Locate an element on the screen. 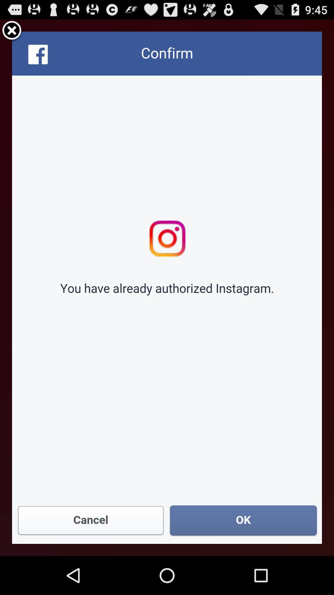  app is located at coordinates (12, 31).